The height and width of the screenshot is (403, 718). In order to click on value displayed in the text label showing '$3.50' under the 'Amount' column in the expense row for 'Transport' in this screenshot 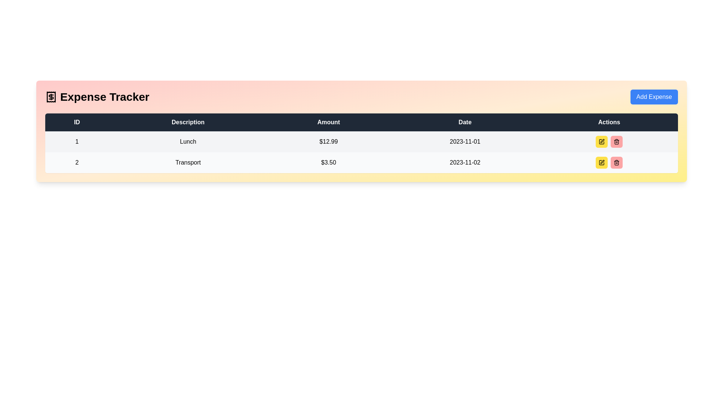, I will do `click(328, 162)`.